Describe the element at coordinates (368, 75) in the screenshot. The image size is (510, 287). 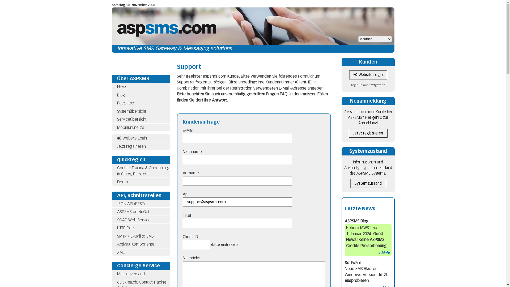
I see `'Website Login'` at that location.